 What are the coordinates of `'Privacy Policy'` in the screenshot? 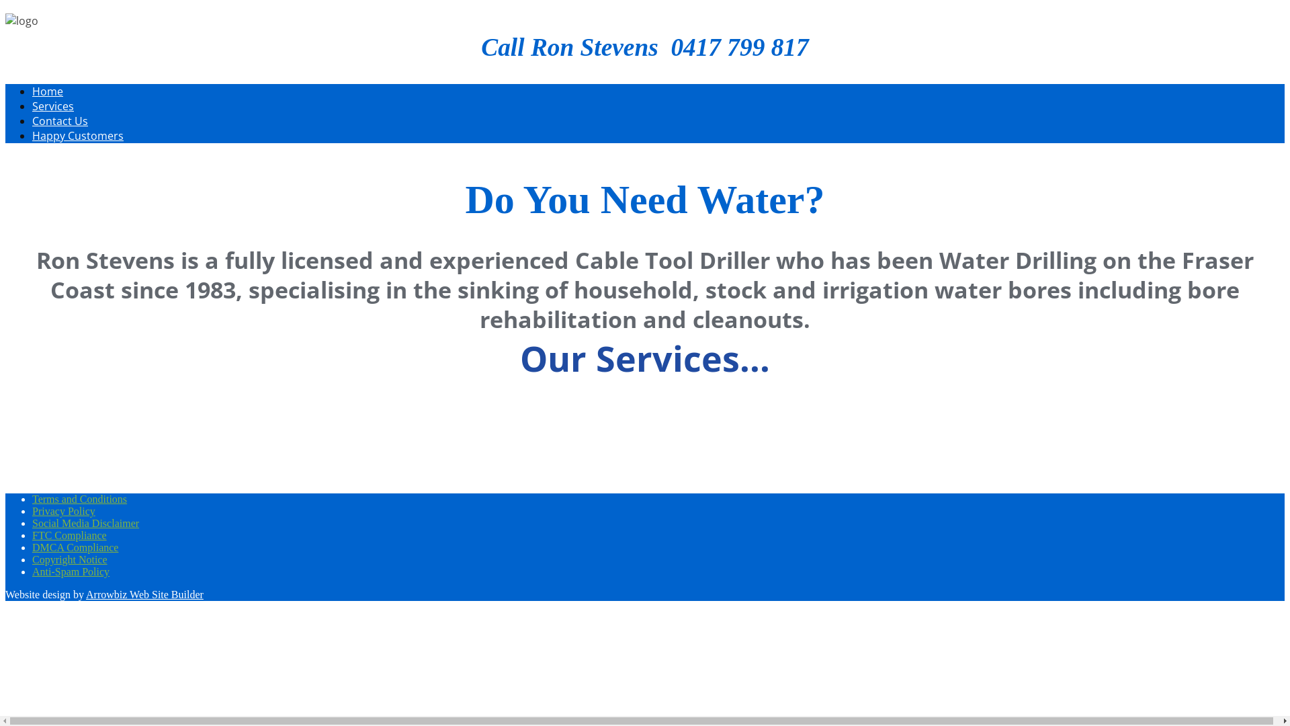 It's located at (32, 511).